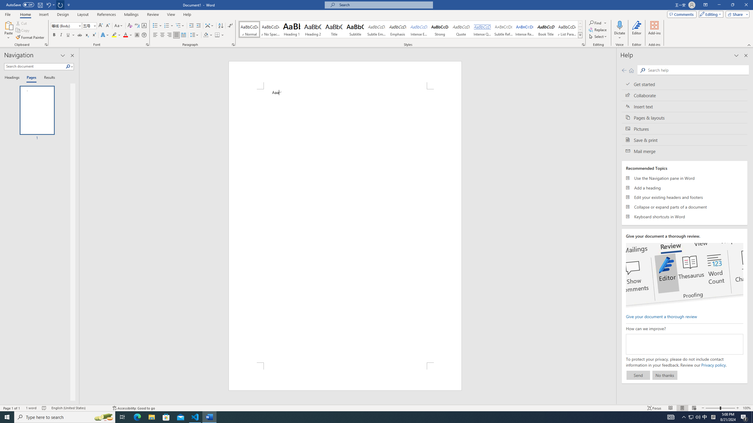 The width and height of the screenshot is (753, 423). I want to click on 'Pictures', so click(684, 129).